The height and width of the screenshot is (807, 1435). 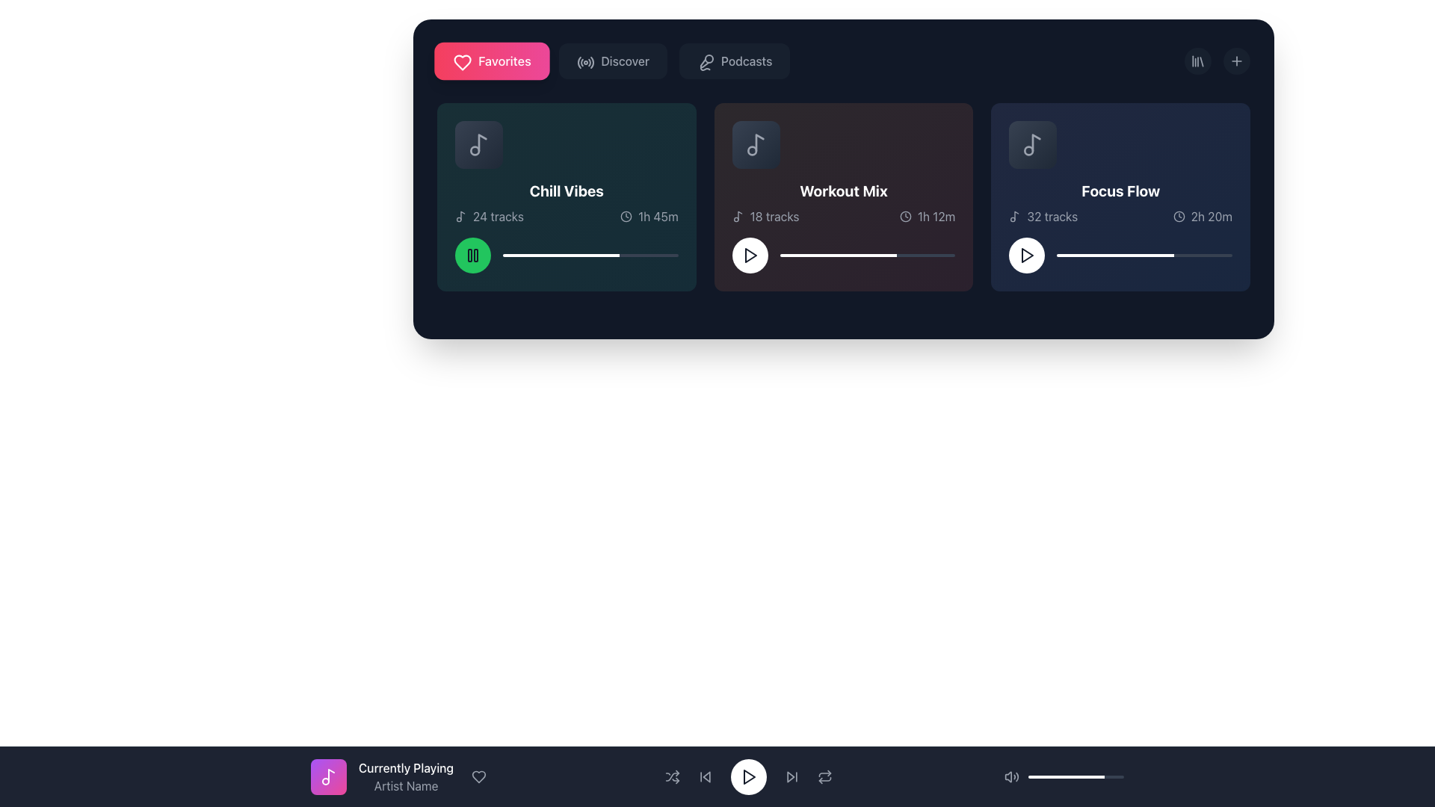 I want to click on the Progress Bar located at the bottom of the 'Focus Flow' card to adjust the playback position, so click(x=1144, y=255).